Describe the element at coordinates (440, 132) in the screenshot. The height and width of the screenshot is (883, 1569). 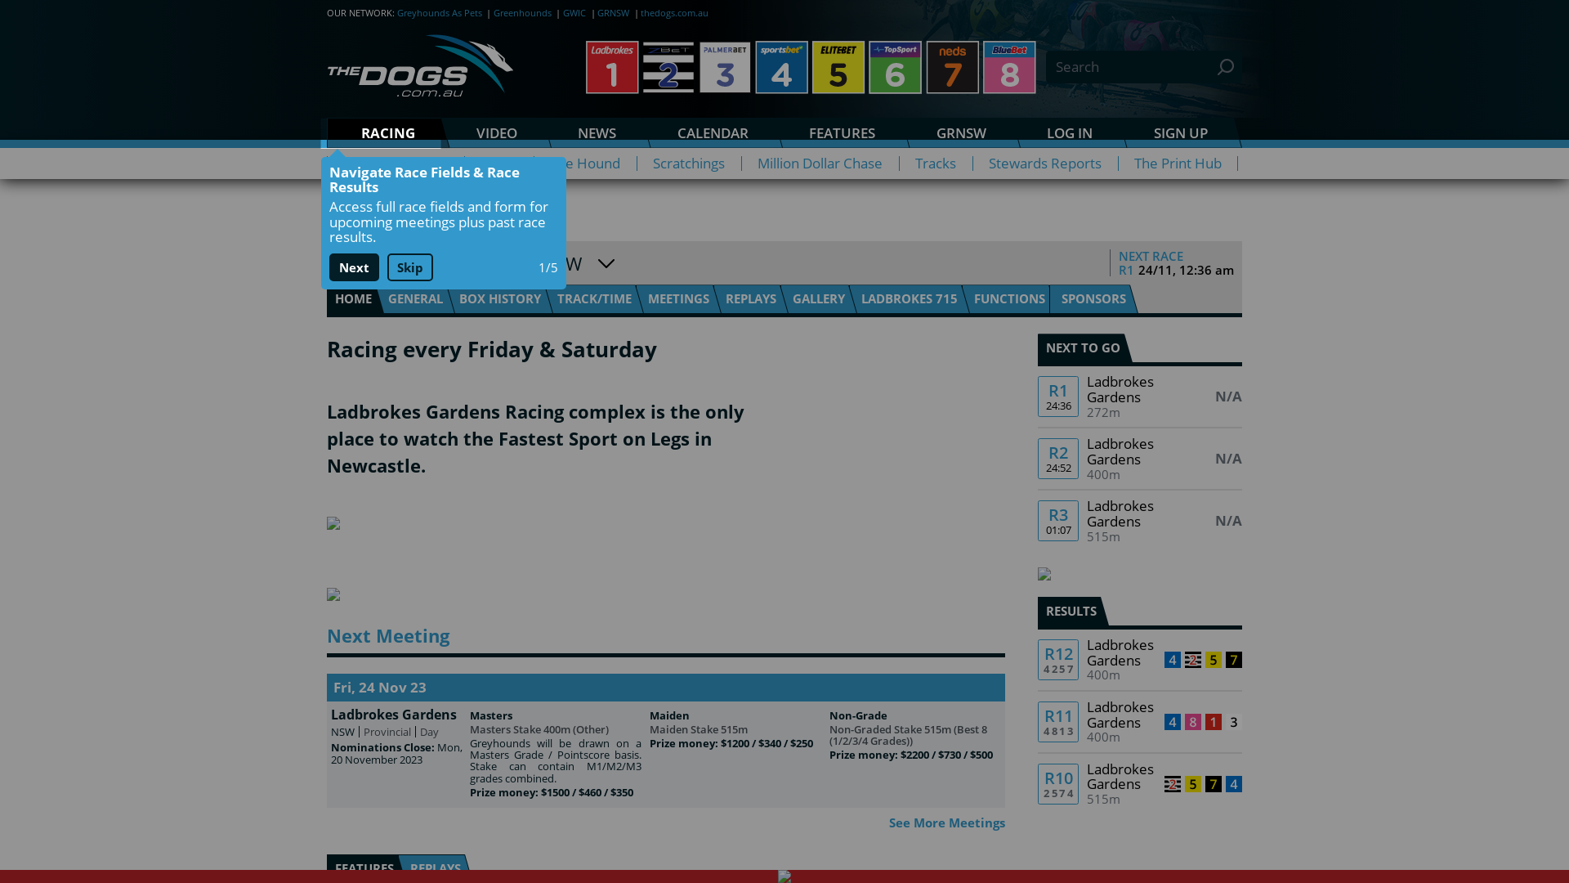
I see `'VIDEO'` at that location.